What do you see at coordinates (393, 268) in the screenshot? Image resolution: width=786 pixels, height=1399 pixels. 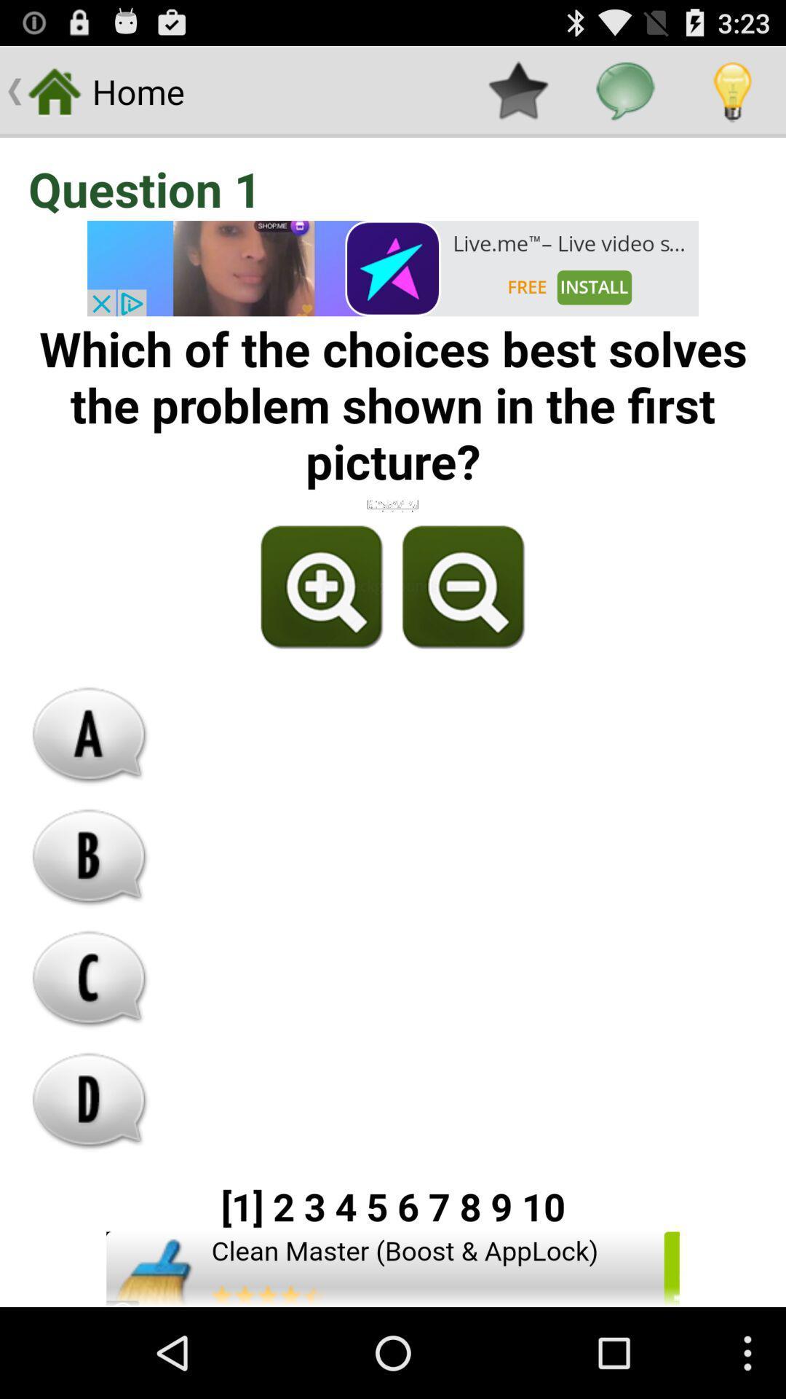 I see `adverisement` at bounding box center [393, 268].